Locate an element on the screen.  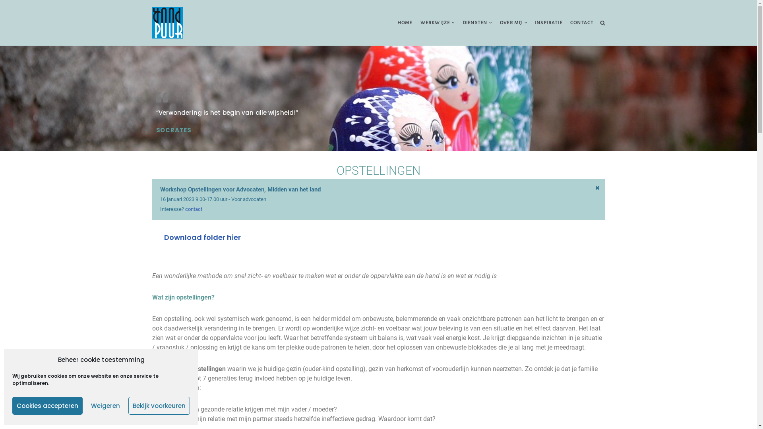
'OVER MIJ' is located at coordinates (499, 22).